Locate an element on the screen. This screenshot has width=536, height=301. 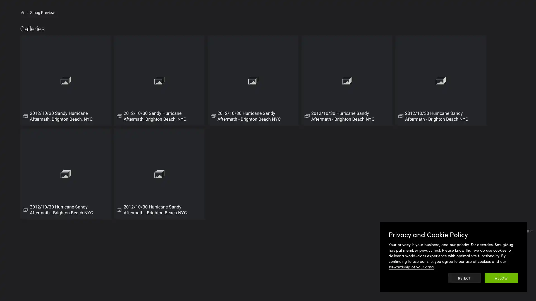
ALLOW is located at coordinates (501, 278).